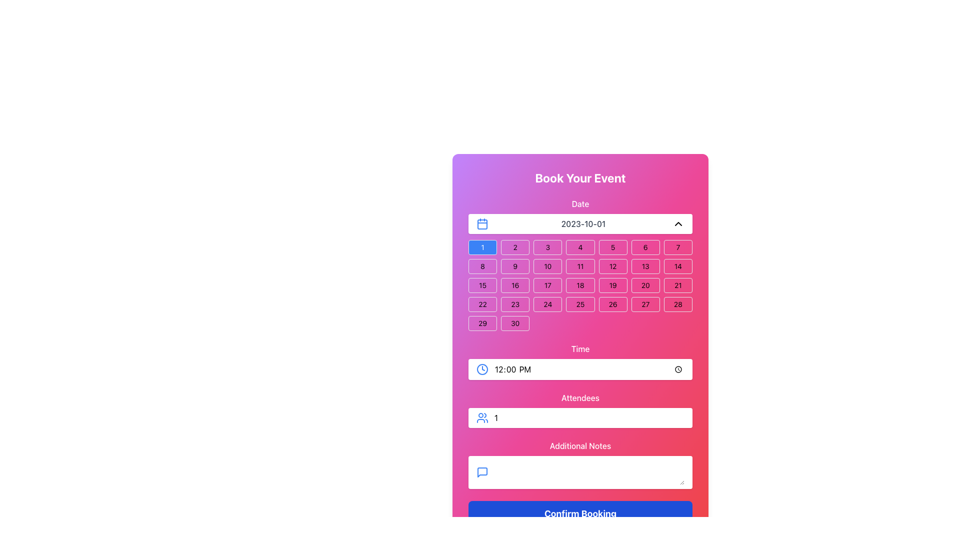 The width and height of the screenshot is (960, 540). Describe the element at coordinates (580, 223) in the screenshot. I see `displayed date from the Dropdown input box located below the header text 'Date' and centered in the layout` at that location.